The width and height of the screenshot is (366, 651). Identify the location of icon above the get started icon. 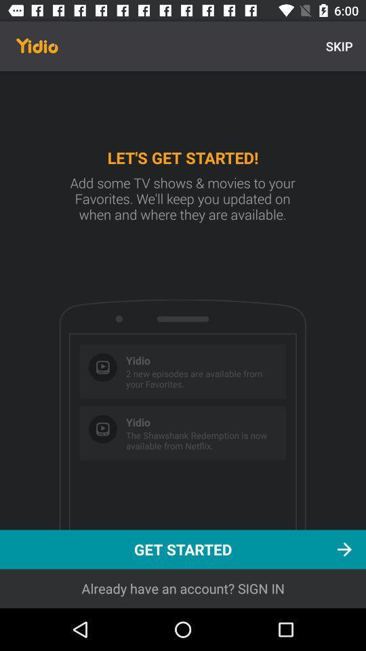
(338, 46).